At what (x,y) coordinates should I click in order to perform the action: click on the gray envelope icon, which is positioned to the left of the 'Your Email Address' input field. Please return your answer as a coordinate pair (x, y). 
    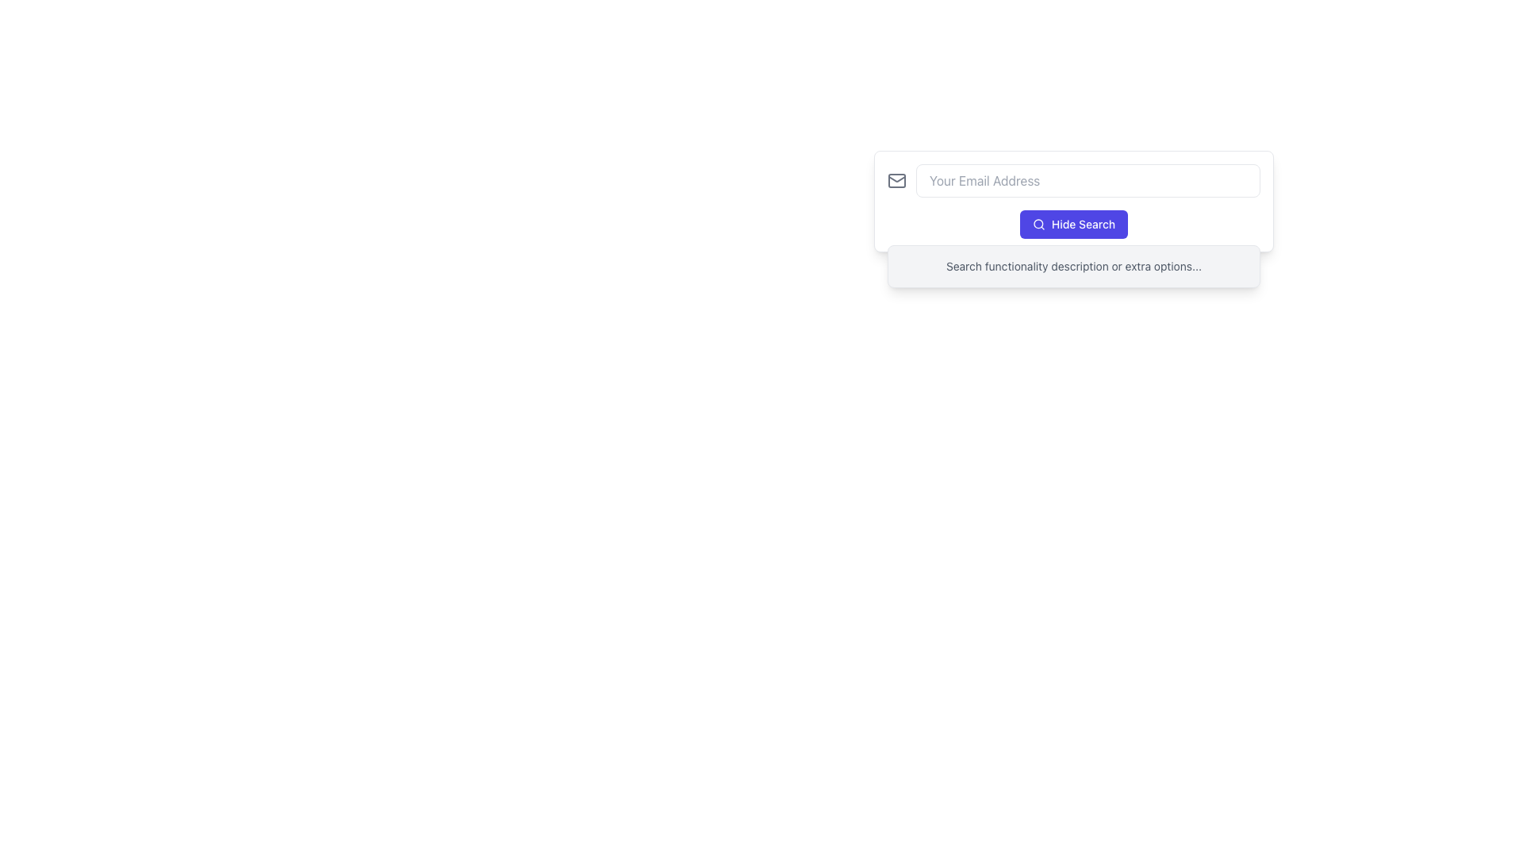
    Looking at the image, I should click on (897, 179).